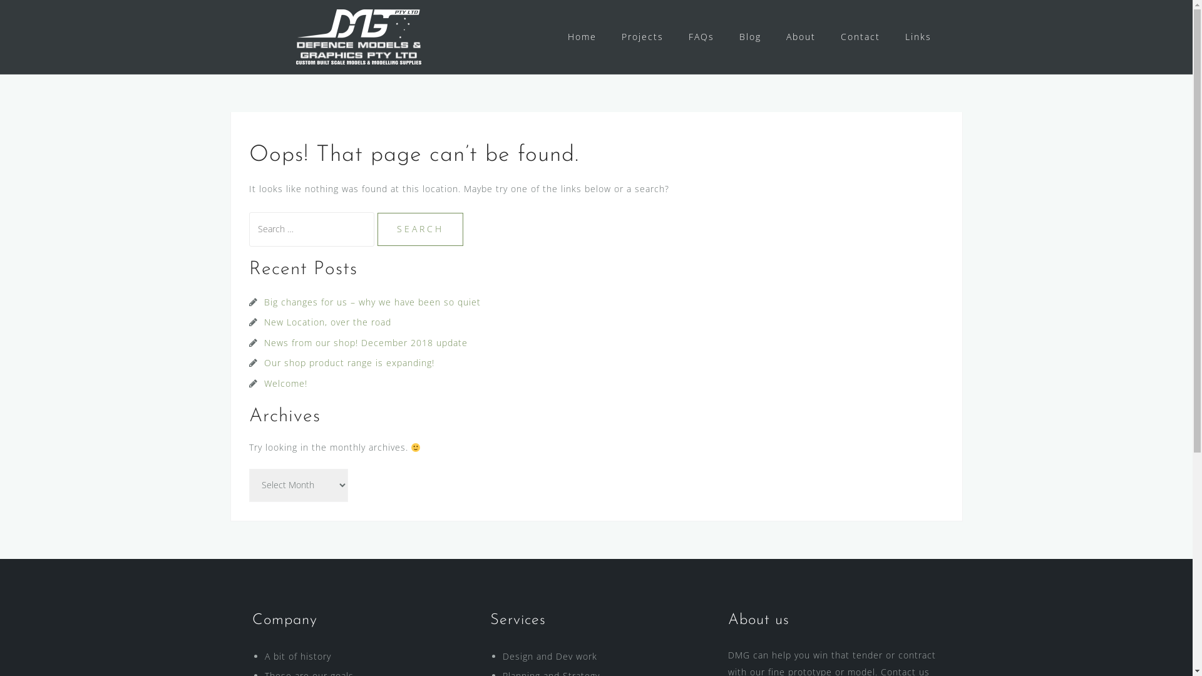 Image resolution: width=1202 pixels, height=676 pixels. What do you see at coordinates (285, 382) in the screenshot?
I see `'Welcome!'` at bounding box center [285, 382].